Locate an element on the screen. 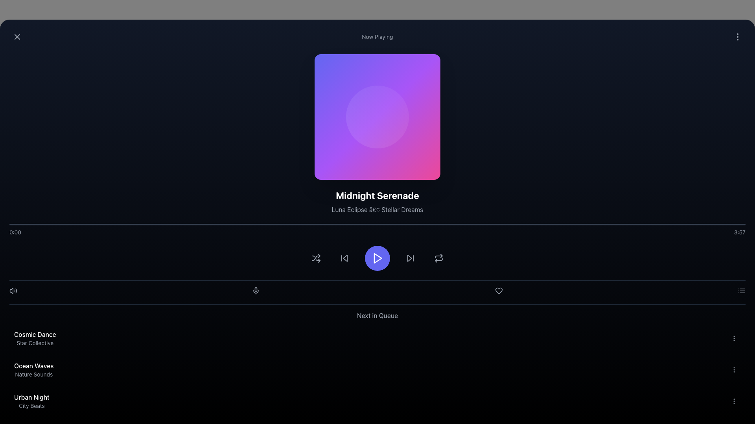 The height and width of the screenshot is (424, 755). the Text label indicating the total duration of the media being played, which is positioned at the far-right end of the media progress bar is located at coordinates (739, 232).